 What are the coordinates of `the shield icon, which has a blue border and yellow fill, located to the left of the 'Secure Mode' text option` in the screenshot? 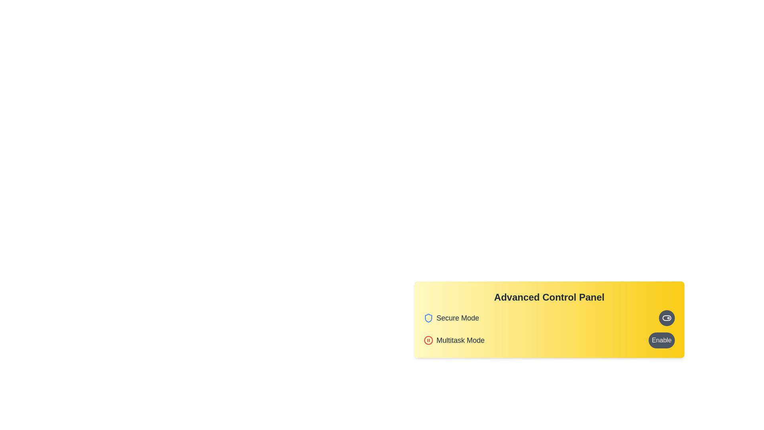 It's located at (428, 317).